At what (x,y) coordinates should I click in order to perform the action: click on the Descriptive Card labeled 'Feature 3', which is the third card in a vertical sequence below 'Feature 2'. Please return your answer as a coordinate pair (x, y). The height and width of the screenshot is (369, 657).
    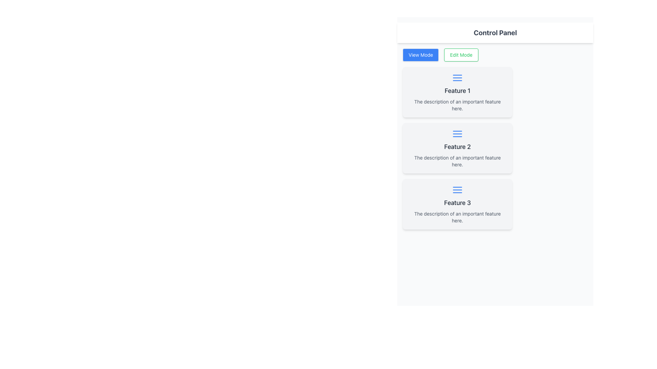
    Looking at the image, I should click on (458, 204).